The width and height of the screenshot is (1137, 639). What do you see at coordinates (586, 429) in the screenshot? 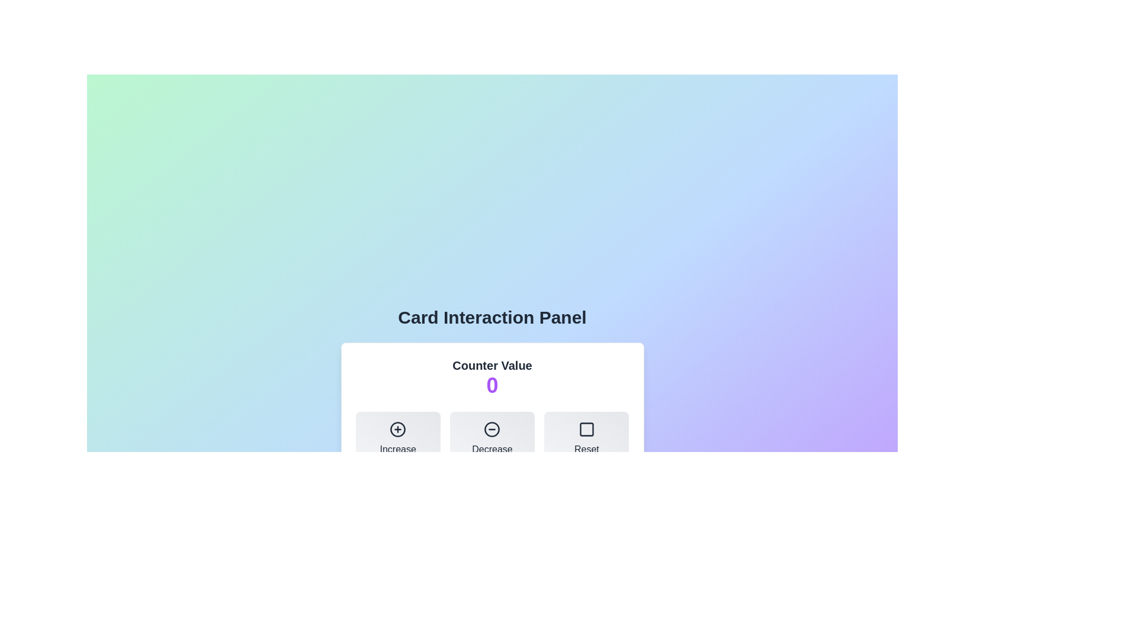
I see `the small, minimalistic square icon with rounded corners located within the 'Reset' button` at bounding box center [586, 429].